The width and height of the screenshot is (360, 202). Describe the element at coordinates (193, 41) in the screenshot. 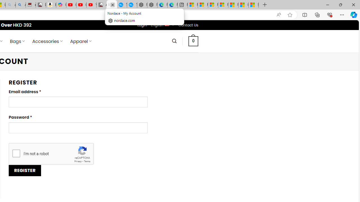

I see `' 0 '` at that location.